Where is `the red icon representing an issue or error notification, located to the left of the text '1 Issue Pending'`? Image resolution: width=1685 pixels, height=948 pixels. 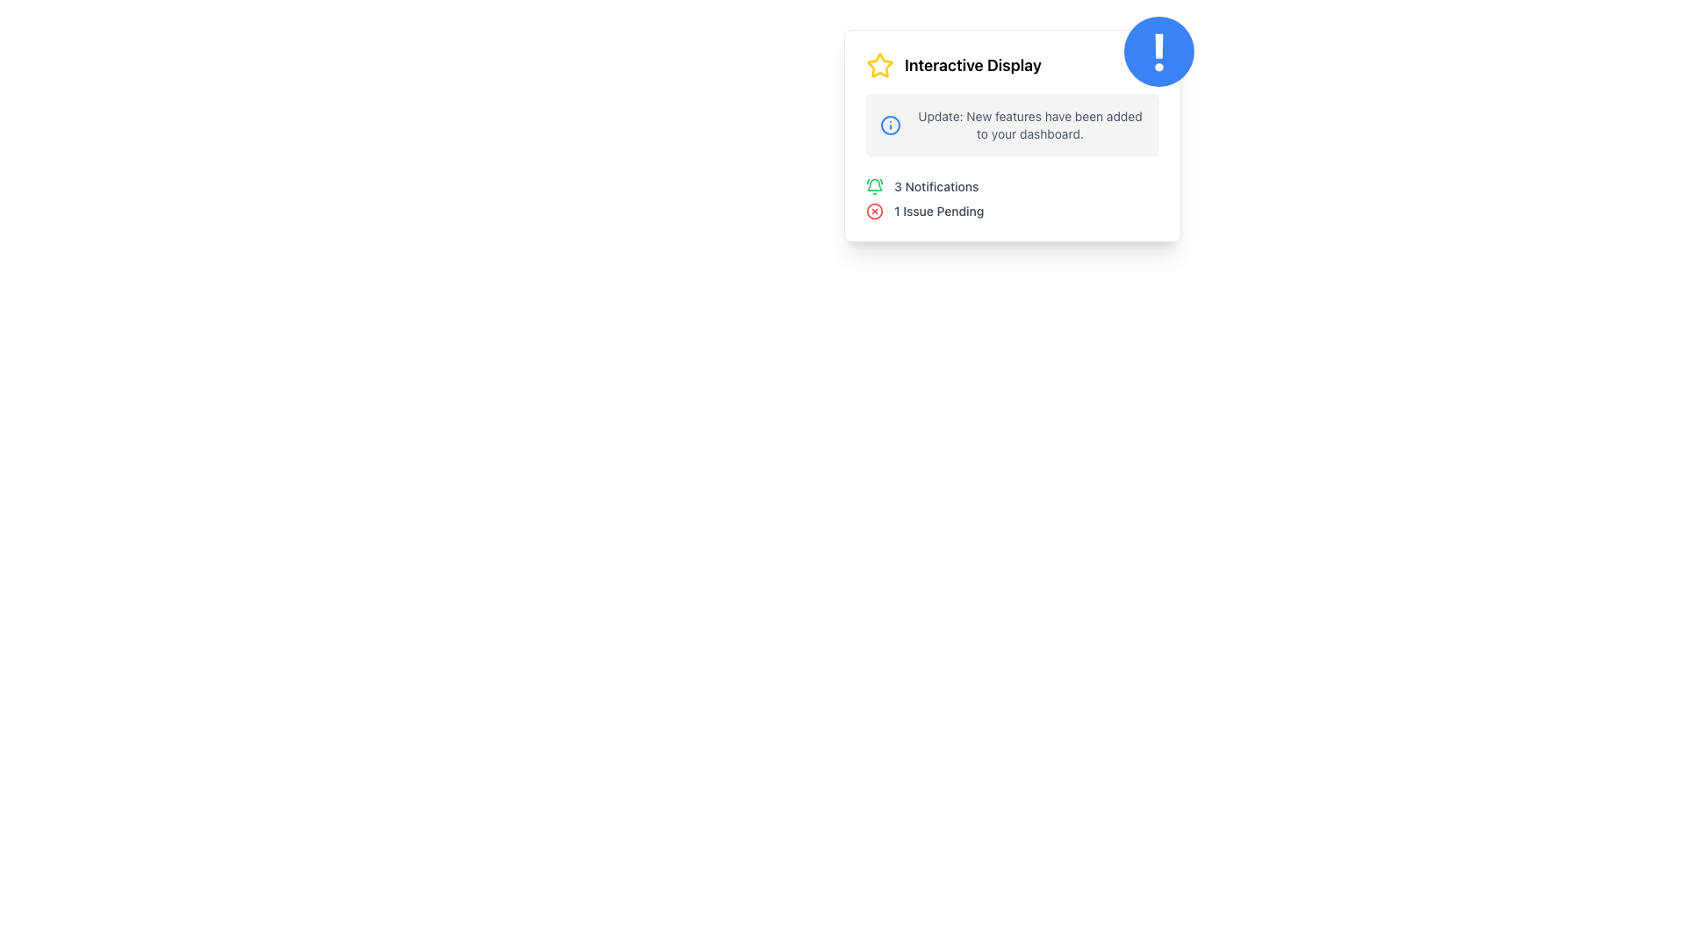
the red icon representing an issue or error notification, located to the left of the text '1 Issue Pending' is located at coordinates (875, 210).